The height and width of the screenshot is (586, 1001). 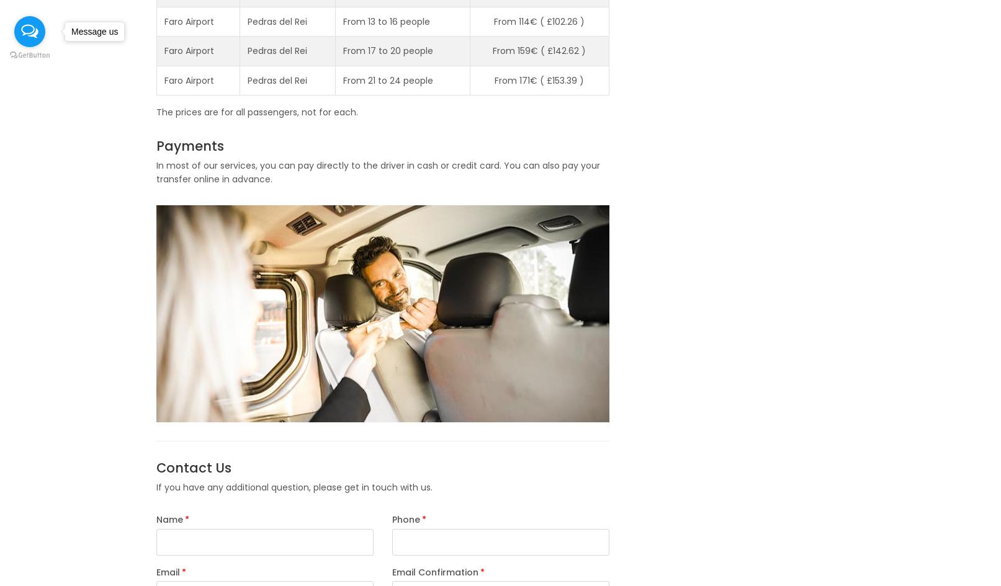 I want to click on 'Contact Us', so click(x=155, y=466).